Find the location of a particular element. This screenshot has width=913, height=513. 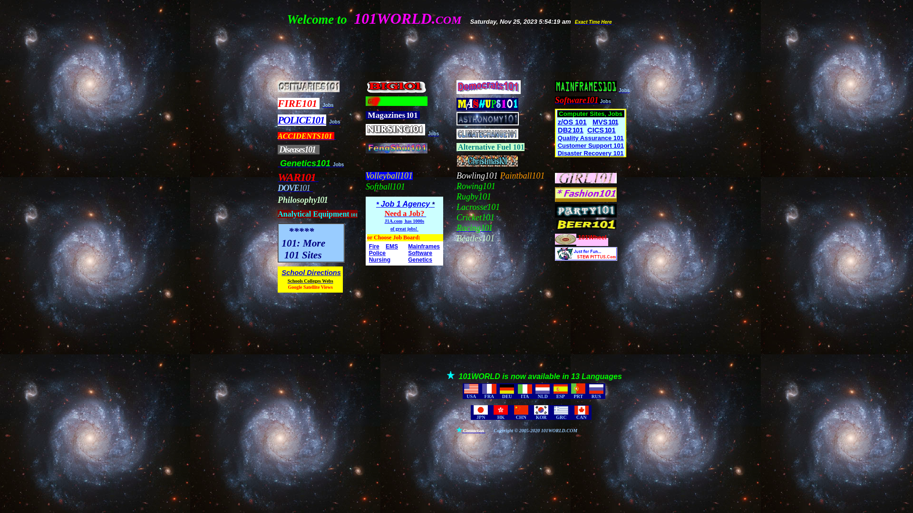

'Rugby101' is located at coordinates (456, 196).